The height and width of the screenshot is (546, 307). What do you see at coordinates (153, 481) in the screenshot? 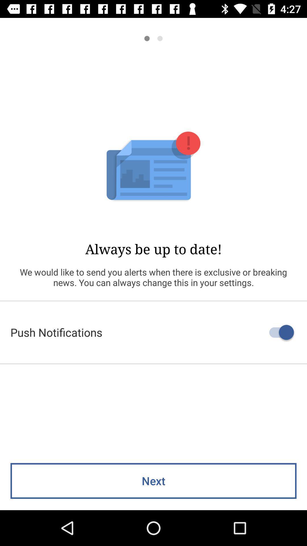
I see `the next icon` at bounding box center [153, 481].